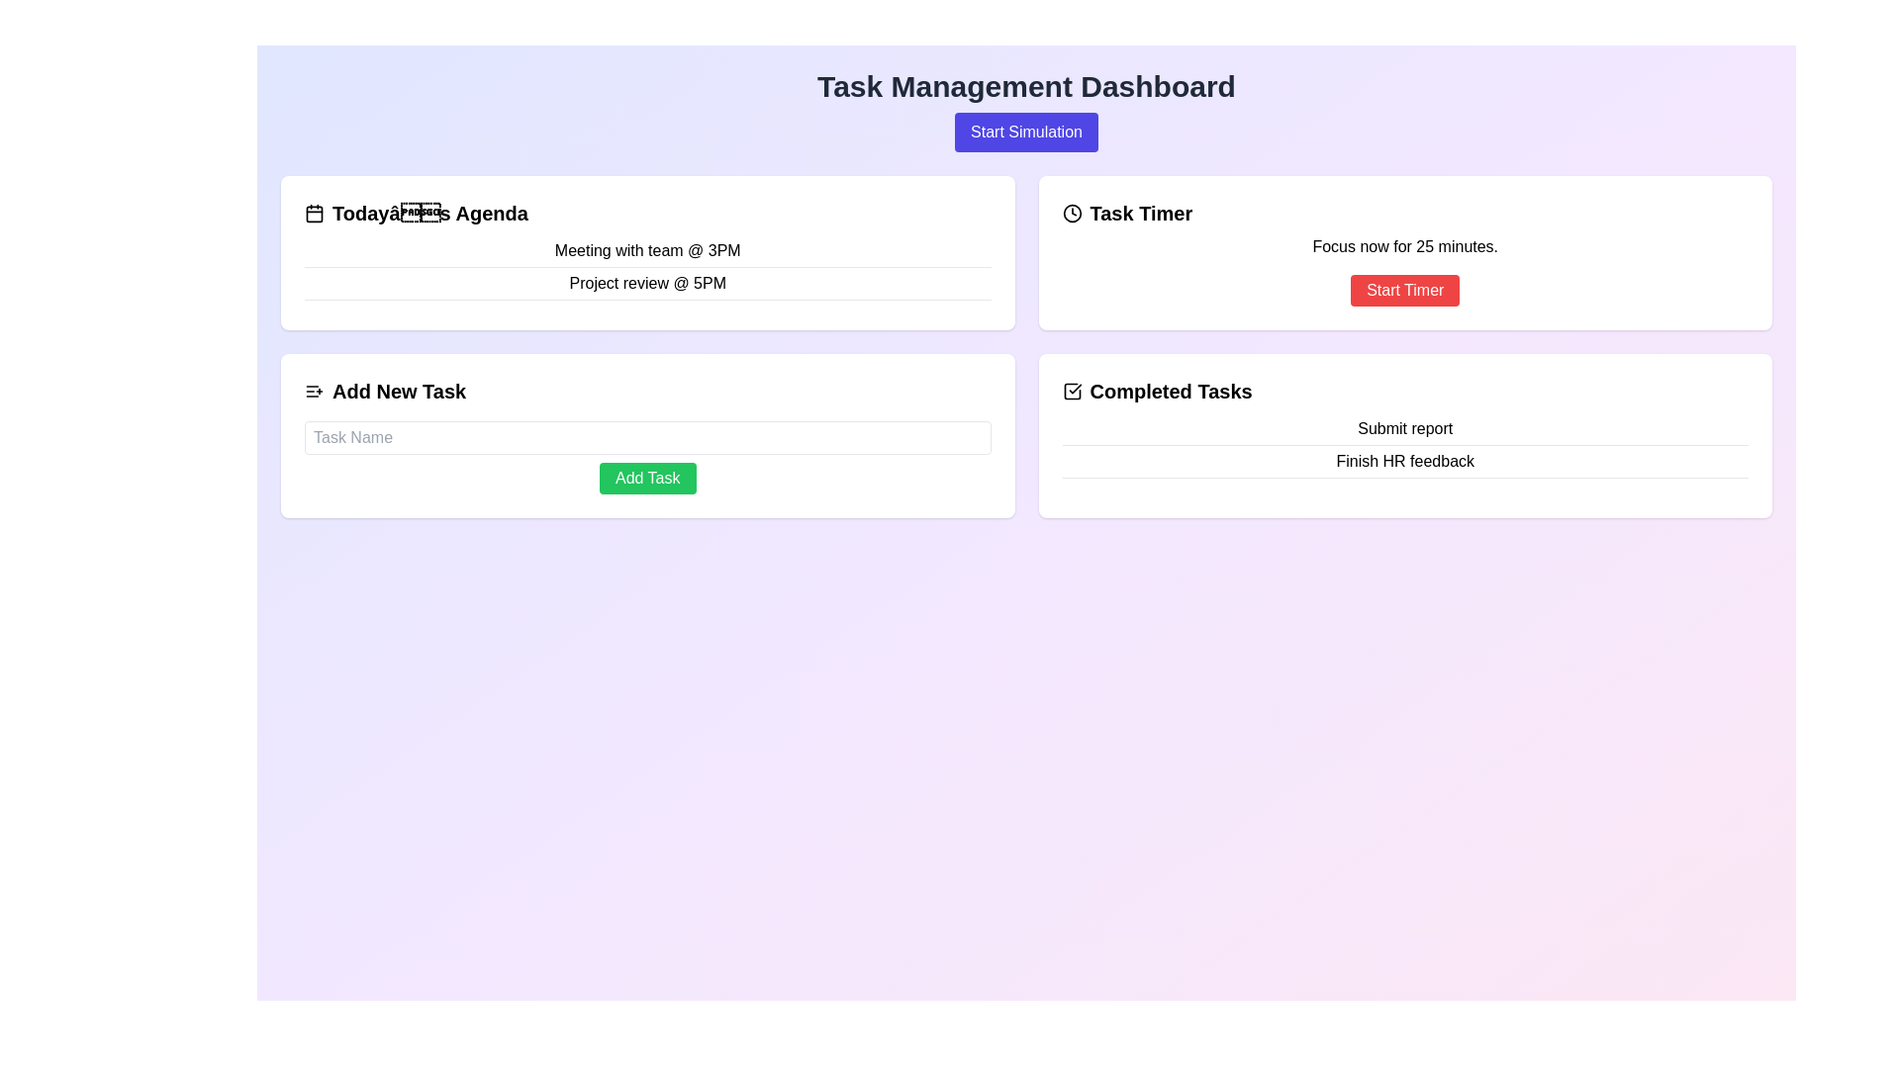 The width and height of the screenshot is (1900, 1068). Describe the element at coordinates (1404, 290) in the screenshot. I see `the bright red 'Start Timer' button with white text` at that location.